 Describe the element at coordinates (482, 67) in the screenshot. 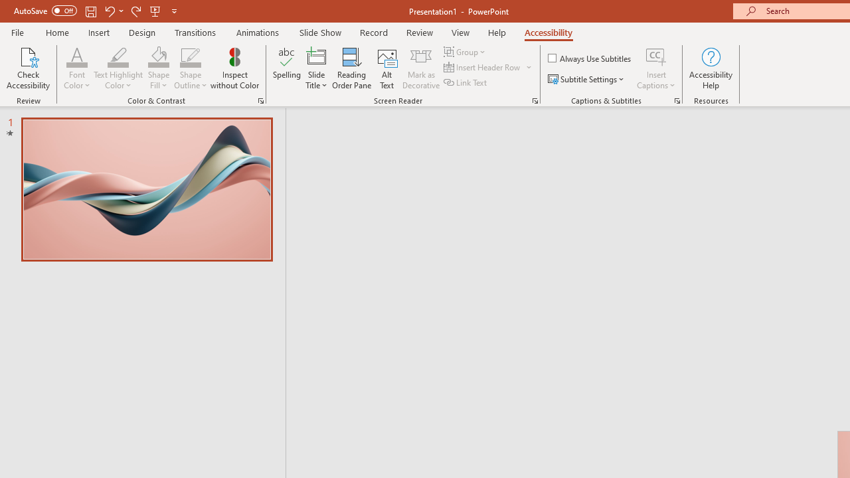

I see `'Insert Header Row'` at that location.